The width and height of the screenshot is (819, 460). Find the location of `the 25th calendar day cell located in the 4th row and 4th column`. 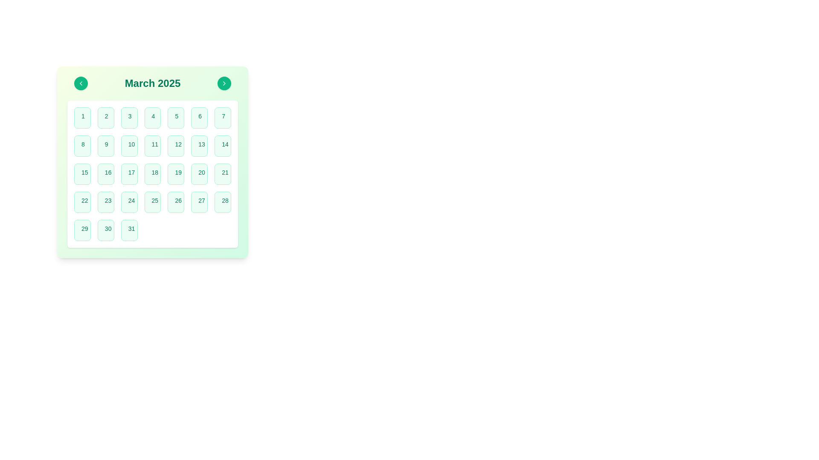

the 25th calendar day cell located in the 4th row and 4th column is located at coordinates (153, 202).